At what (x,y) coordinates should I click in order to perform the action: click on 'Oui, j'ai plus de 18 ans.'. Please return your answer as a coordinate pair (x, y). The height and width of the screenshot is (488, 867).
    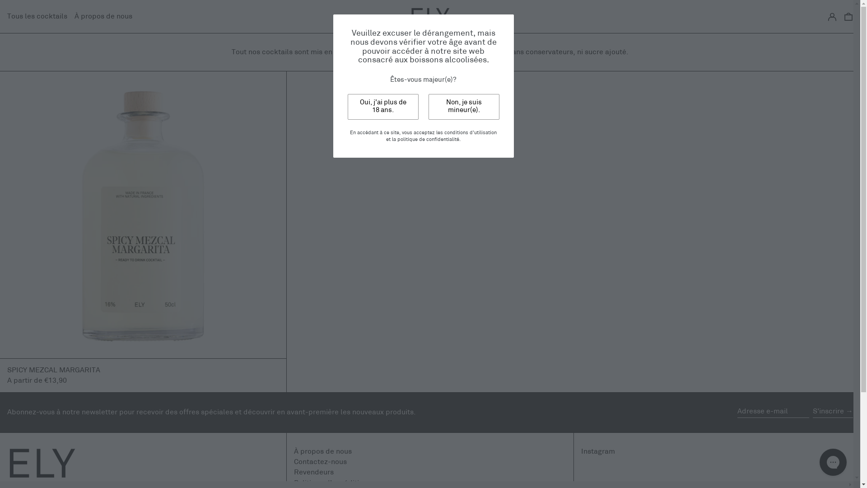
    Looking at the image, I should click on (383, 106).